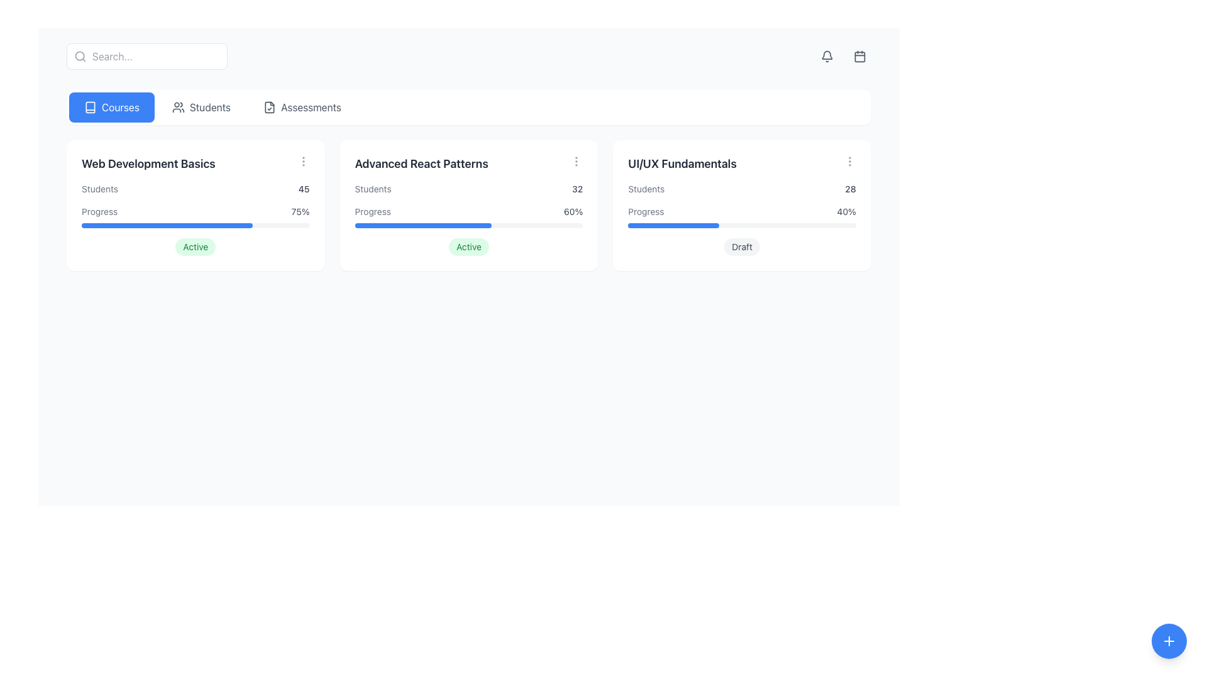  I want to click on the proportion visually indicated by the blue progress bar under the 'Progress' label in the 'Advanced React Patterns' card, so click(423, 224).